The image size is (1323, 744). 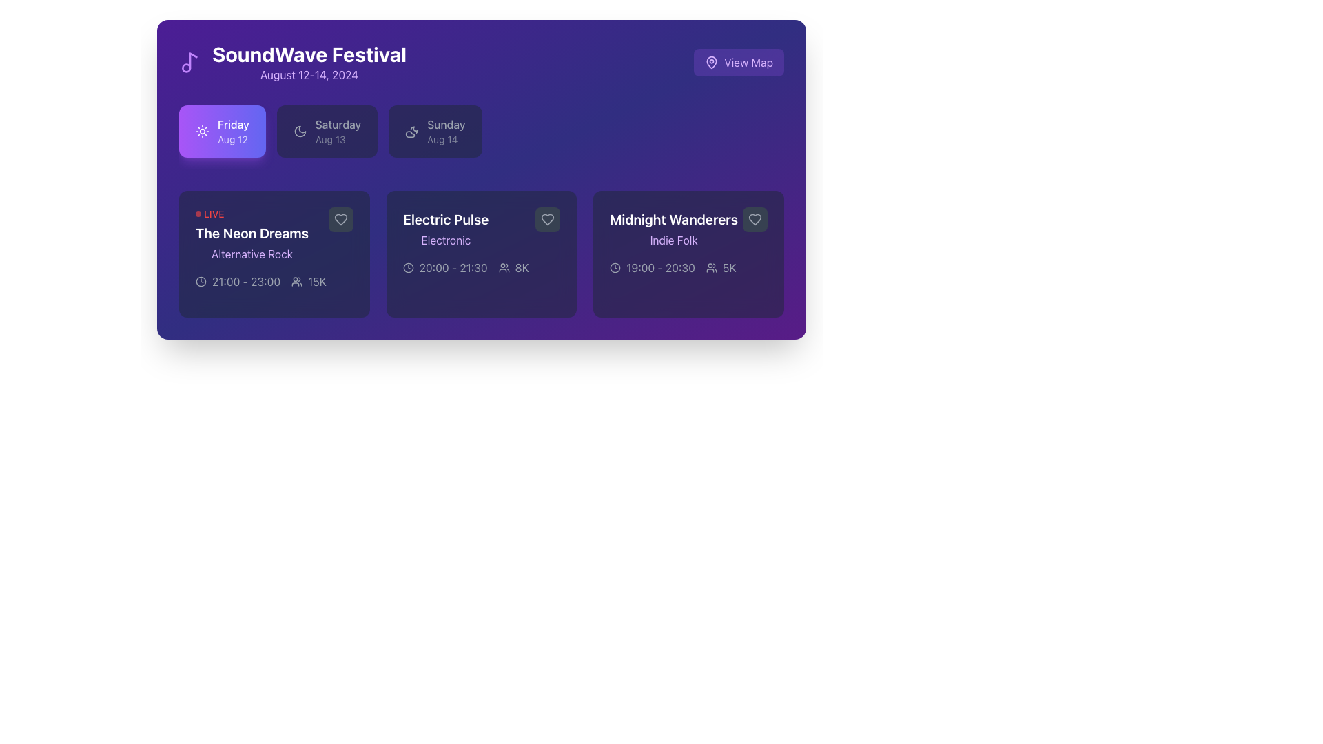 I want to click on the 'Sunday' button-like text element, which is the third option in a horizontal list of date selections below 'SoundWave Festival', so click(x=446, y=132).